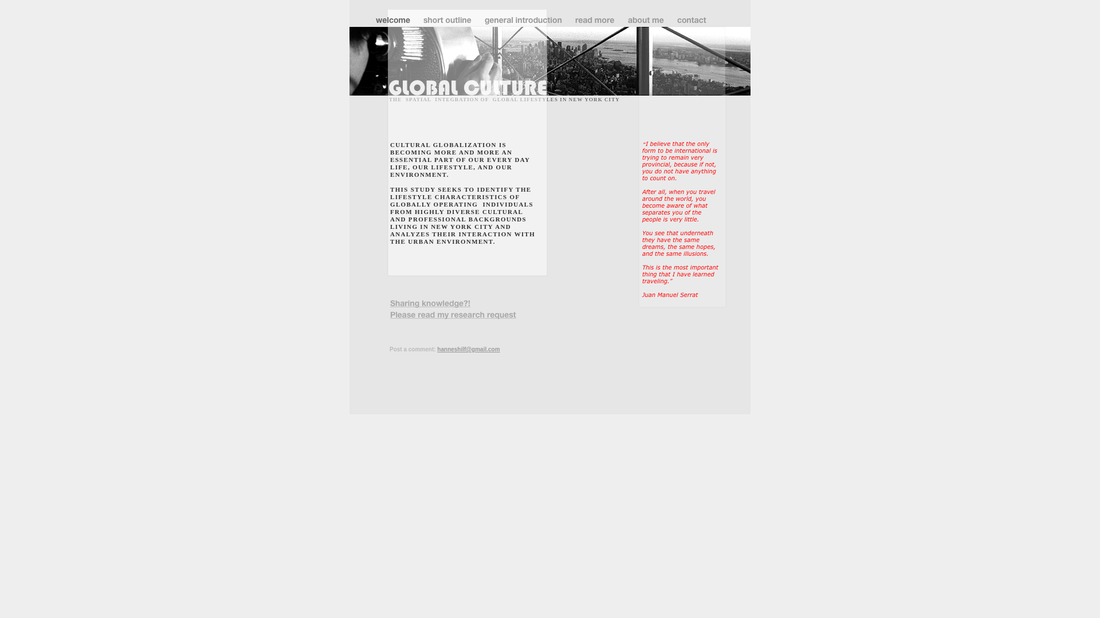  Describe the element at coordinates (468, 348) in the screenshot. I see `'hanneshilf@gmail.com'` at that location.